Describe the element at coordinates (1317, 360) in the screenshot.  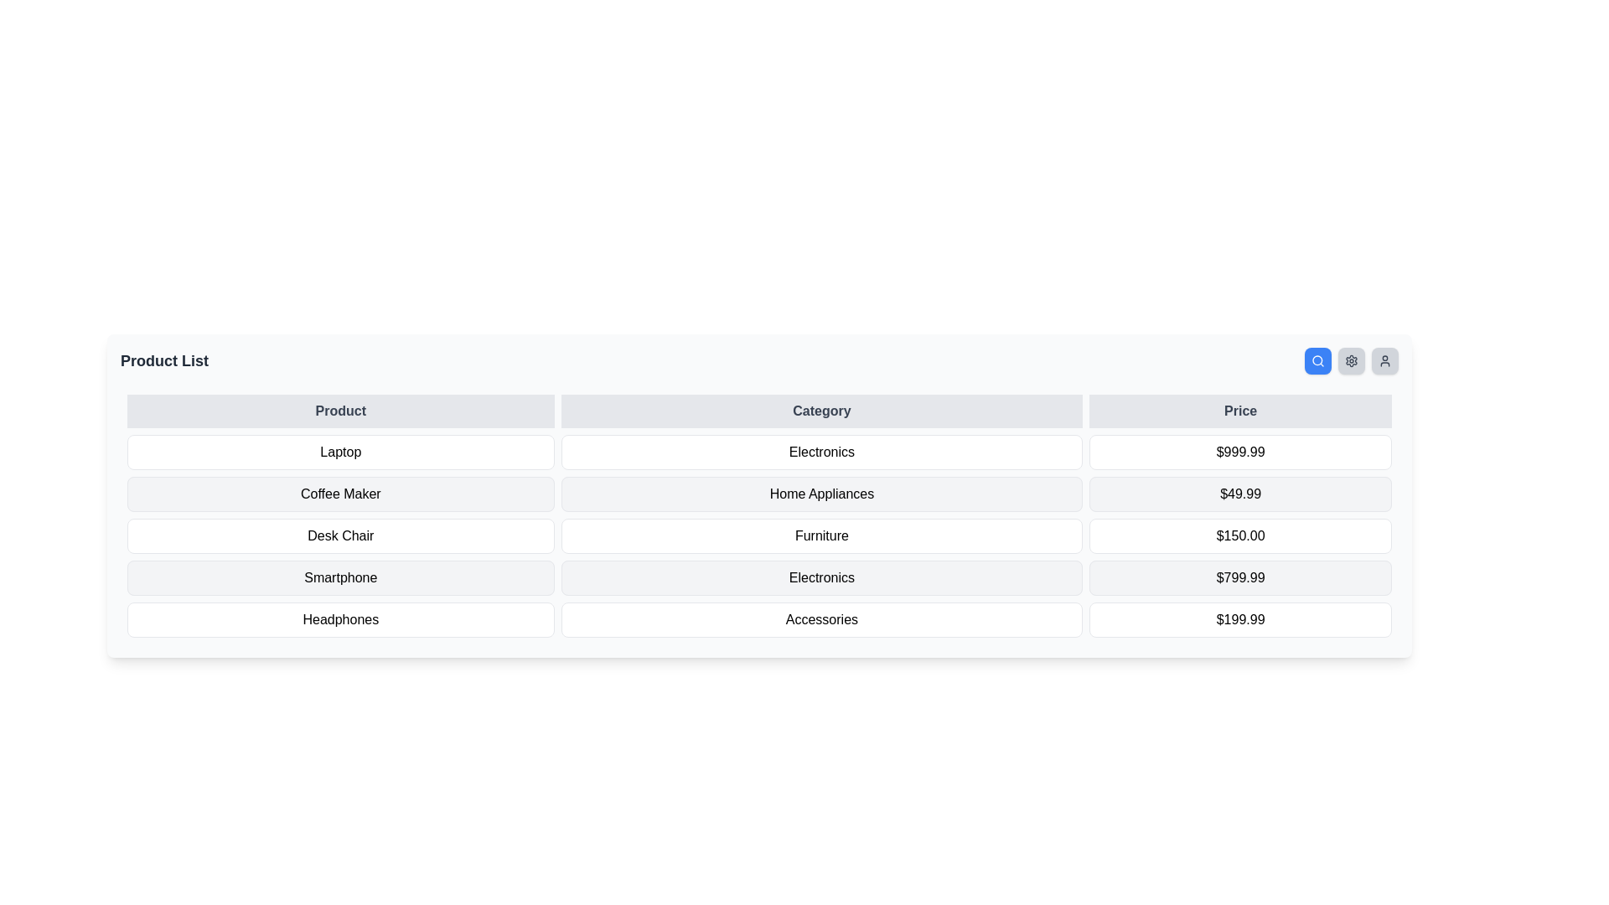
I see `the search icon located inside a button in the top-right corner of the interface to initiate a search` at that location.